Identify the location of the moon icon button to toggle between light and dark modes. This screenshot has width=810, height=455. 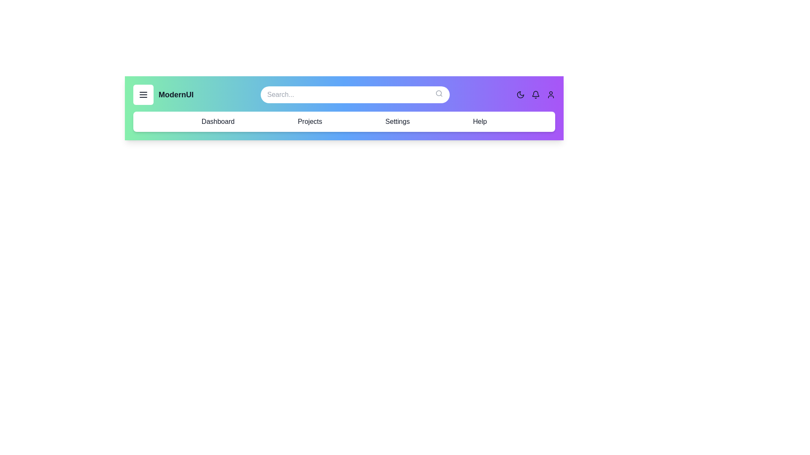
(520, 94).